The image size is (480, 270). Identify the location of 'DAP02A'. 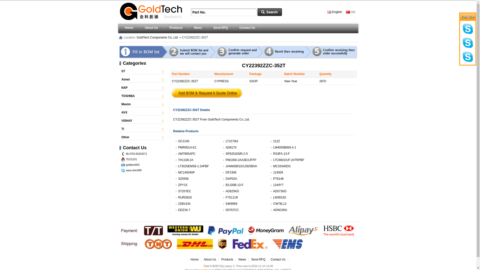
(231, 178).